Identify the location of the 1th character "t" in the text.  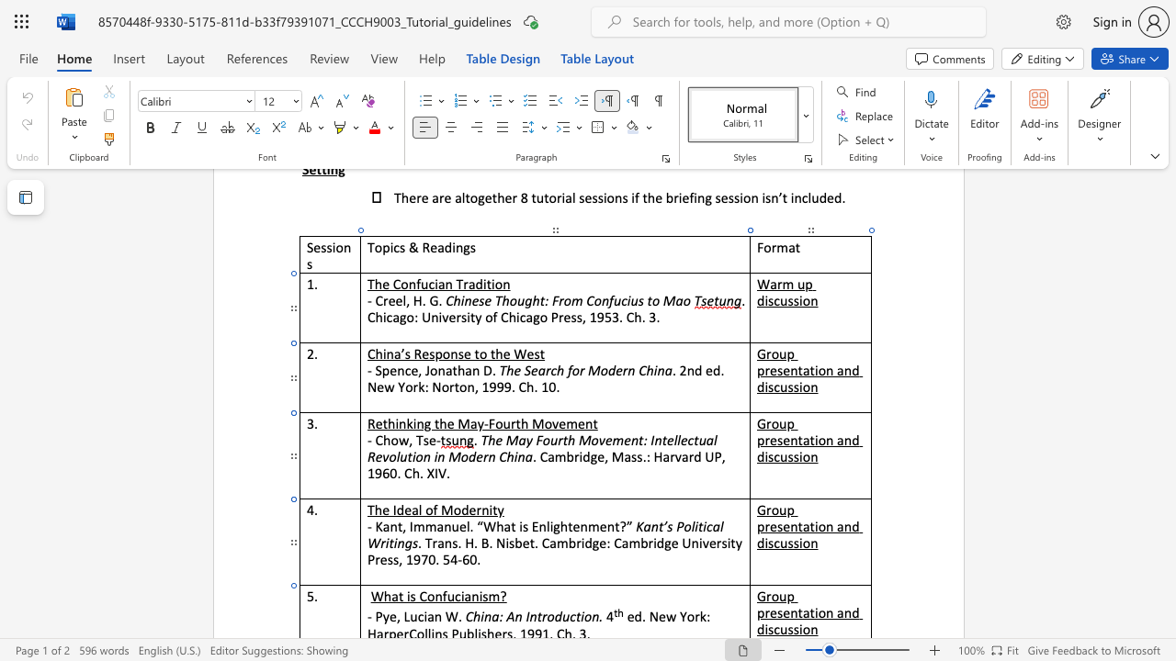
(400, 596).